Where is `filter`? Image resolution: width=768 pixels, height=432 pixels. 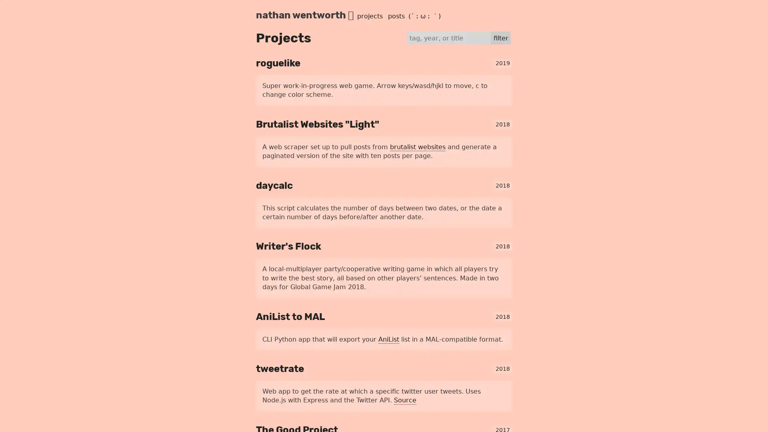 filter is located at coordinates (500, 38).